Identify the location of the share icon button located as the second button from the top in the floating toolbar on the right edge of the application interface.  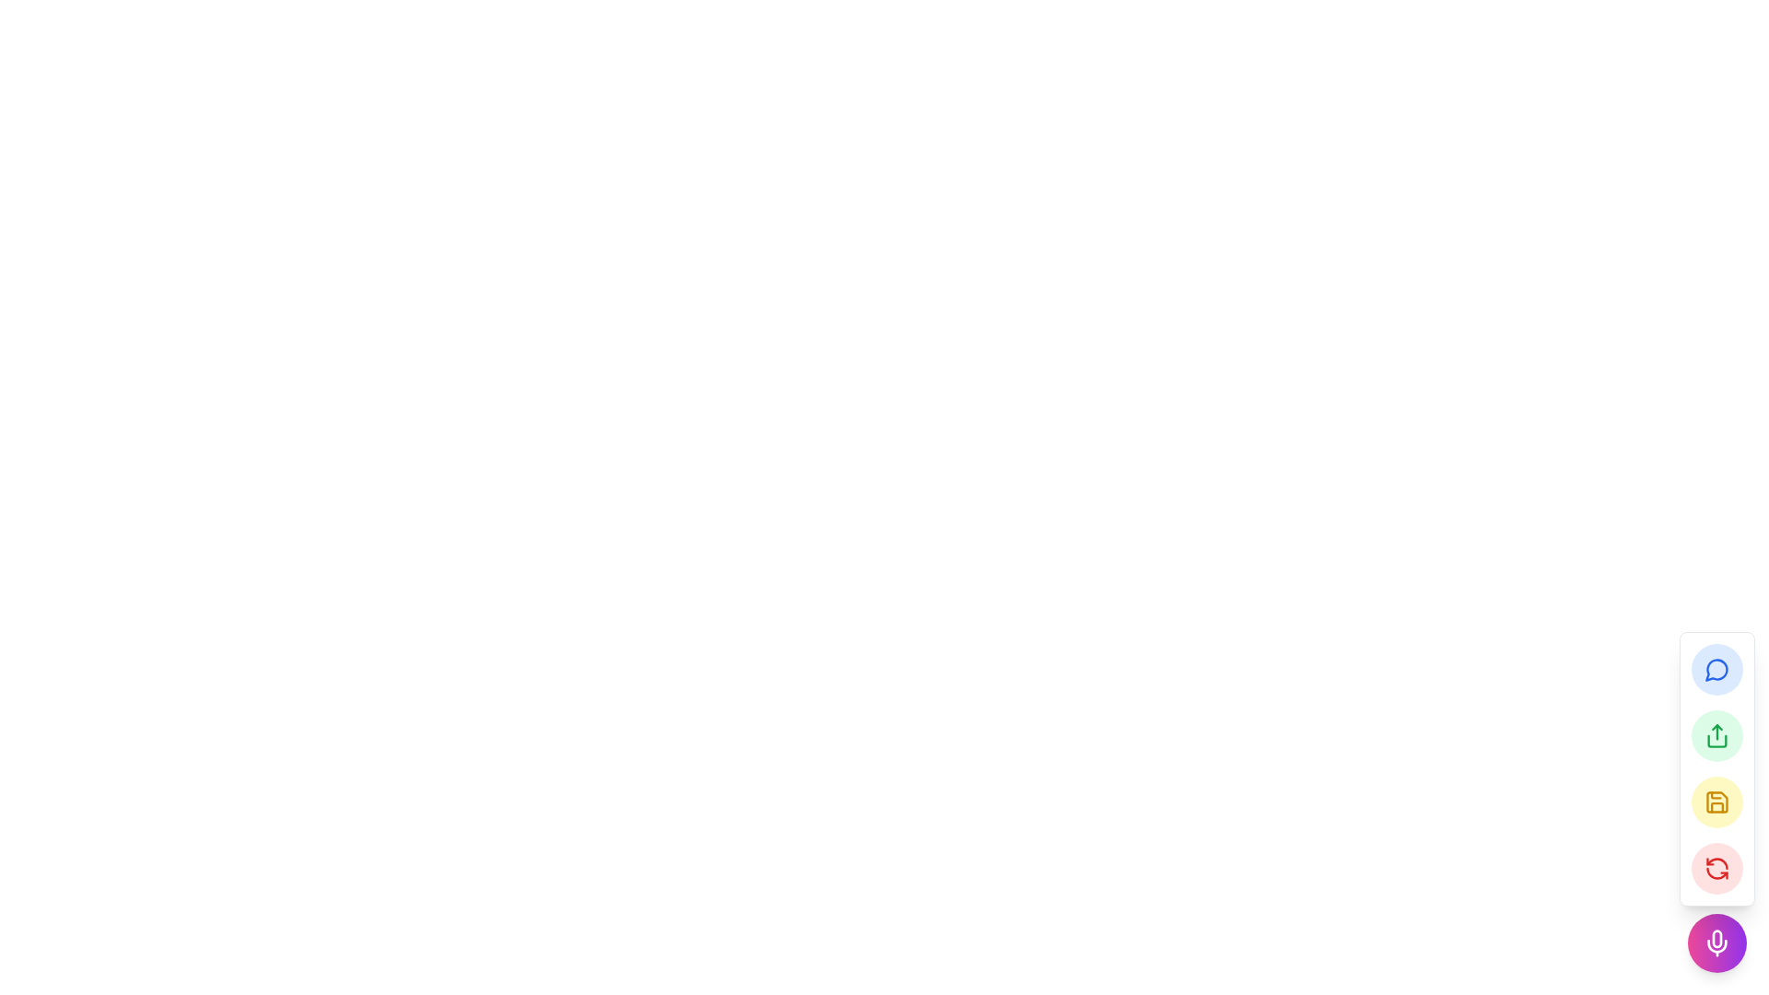
(1716, 734).